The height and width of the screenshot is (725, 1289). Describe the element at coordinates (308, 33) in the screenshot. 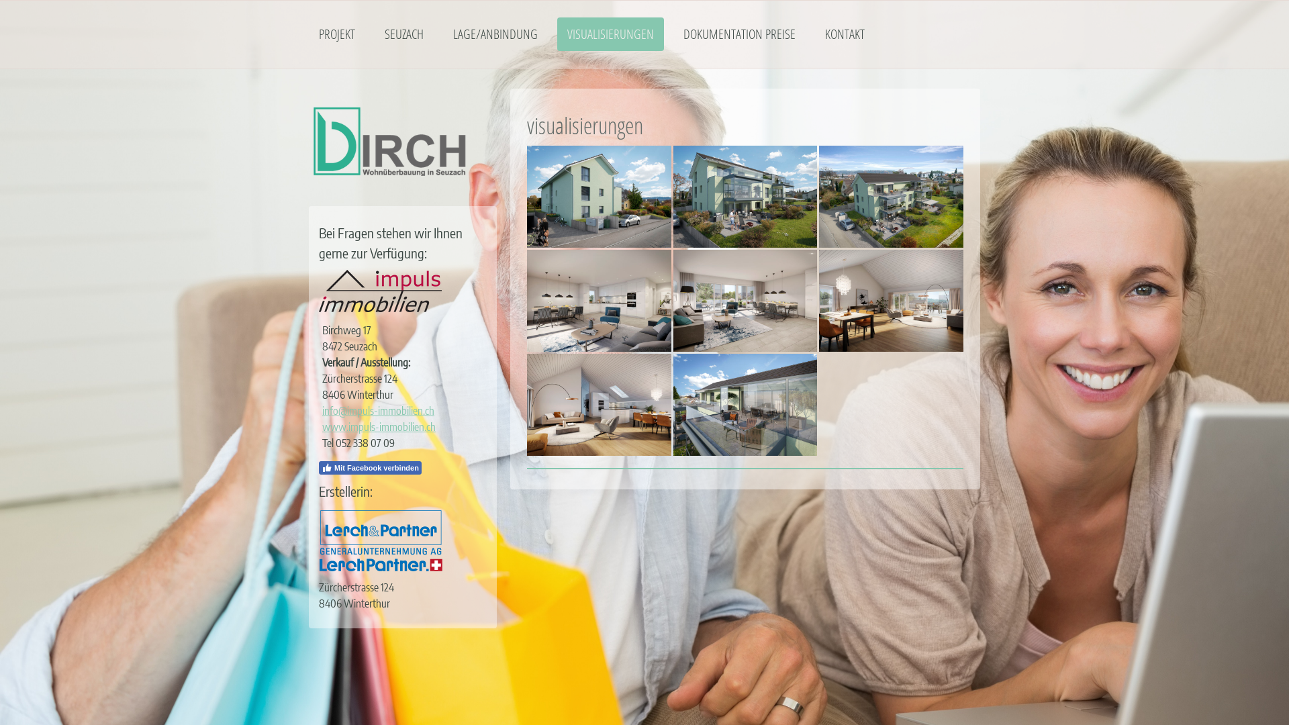

I see `'PROJEKT'` at that location.